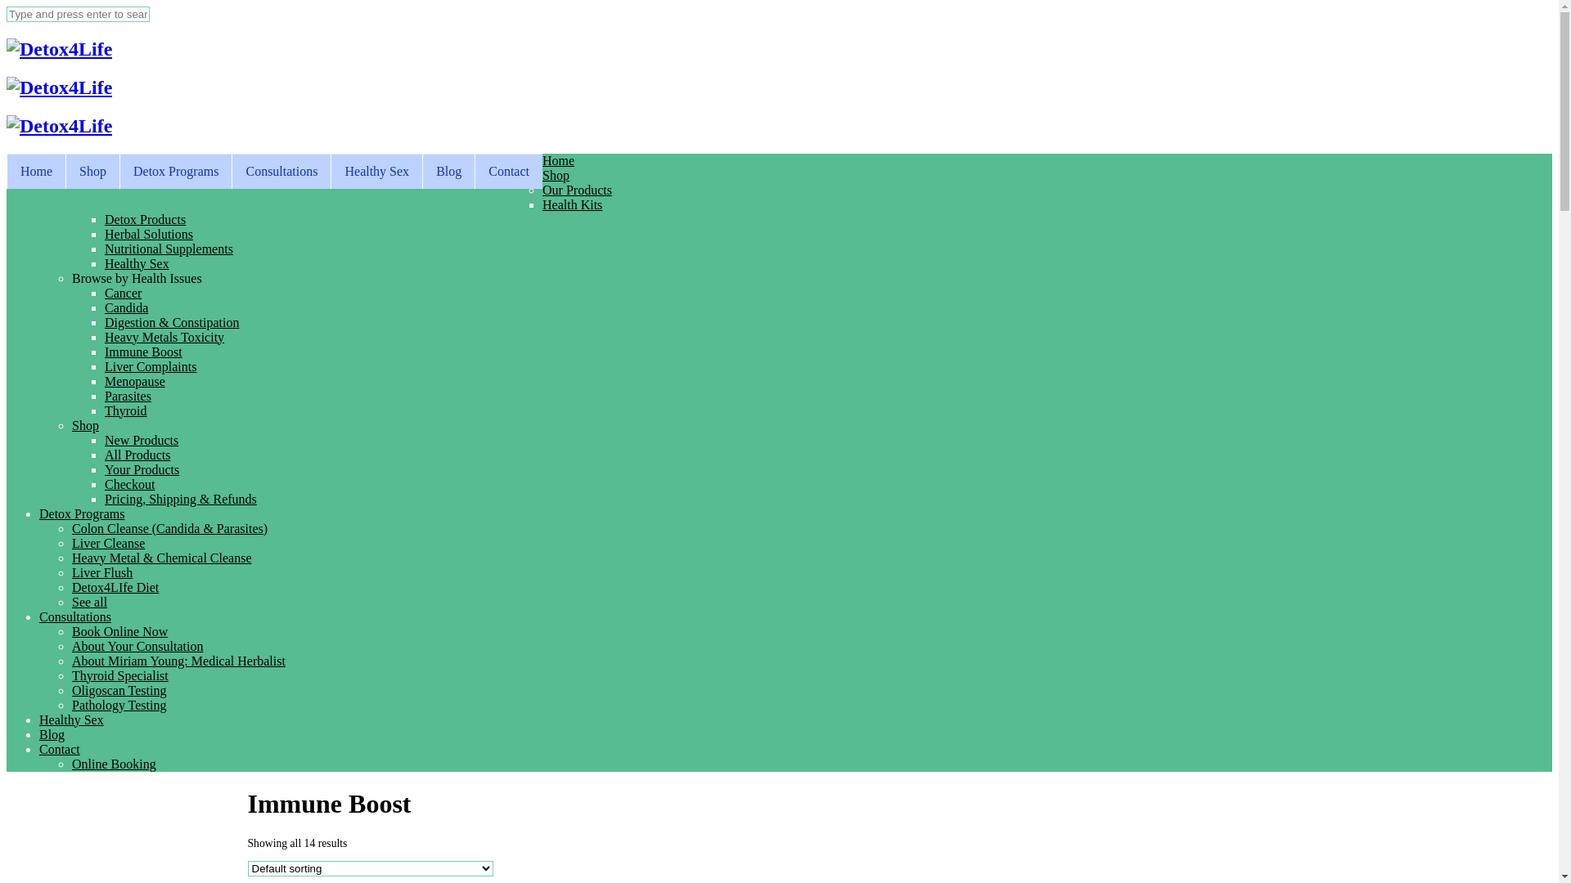 The width and height of the screenshot is (1571, 883). I want to click on 'Nutritional Supplements', so click(169, 249).